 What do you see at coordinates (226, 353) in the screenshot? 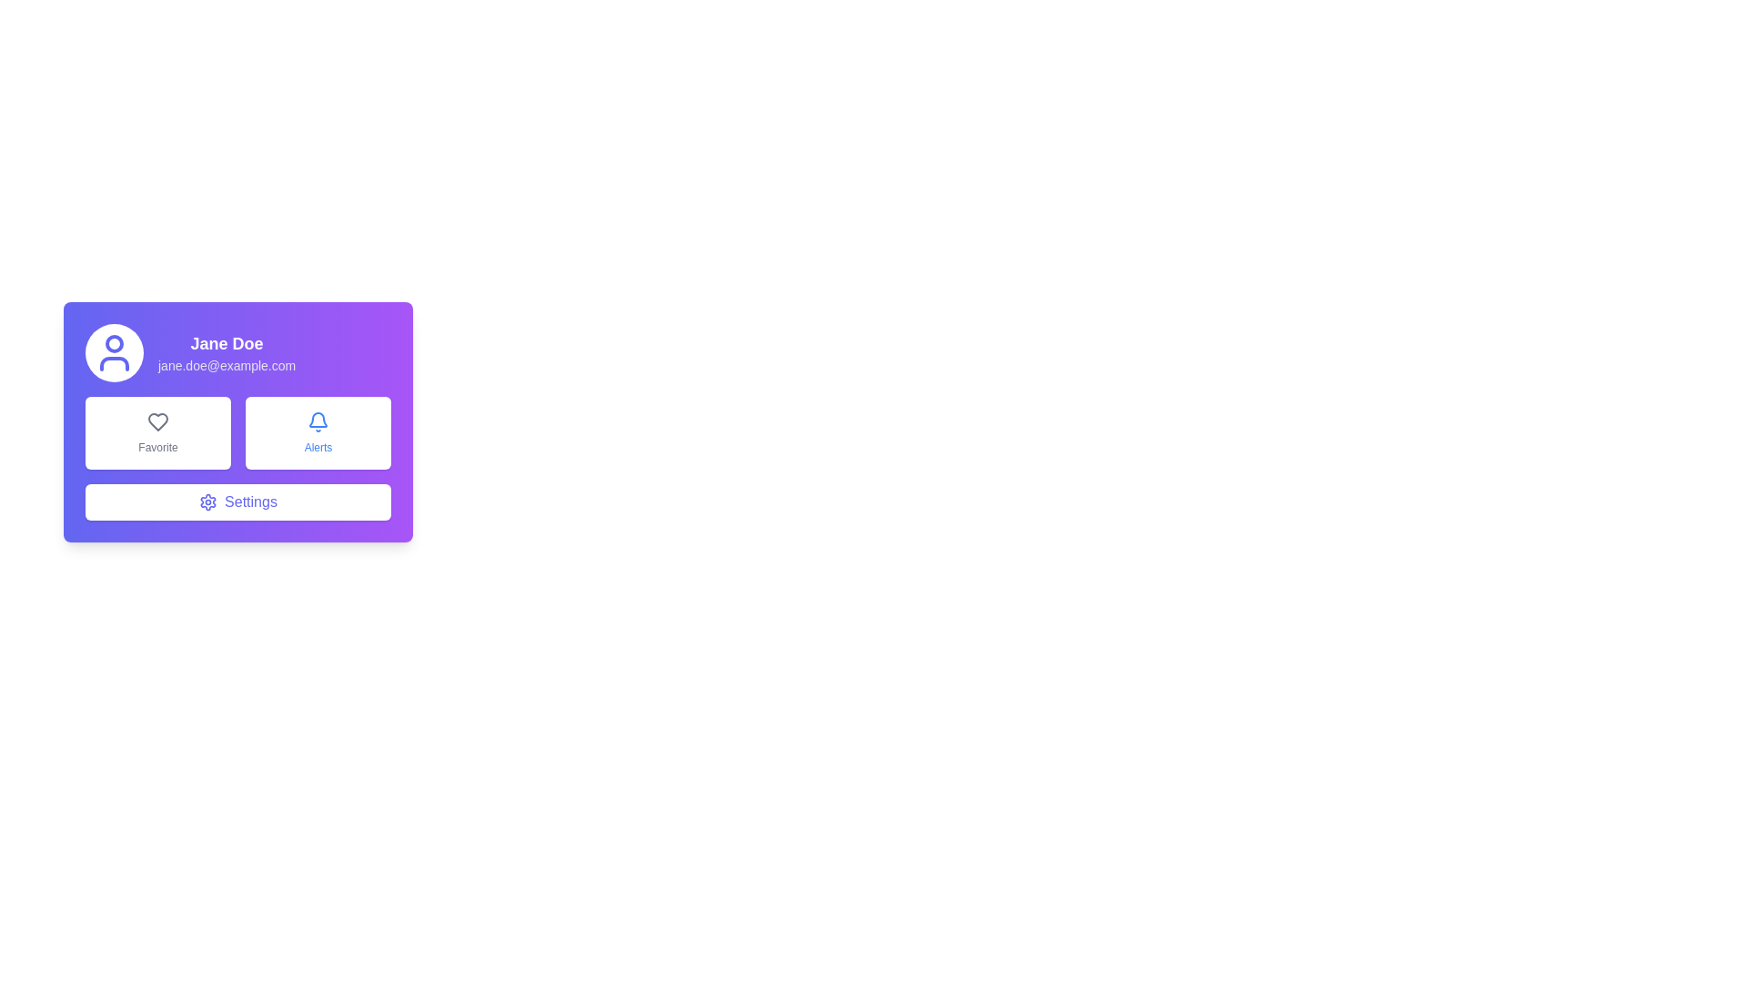
I see `the text display containing the name 'Jane Doe' and the email 'jane.doe@example.com', which is aligned left on a purple background and positioned to the right of a user avatar icon` at bounding box center [226, 353].